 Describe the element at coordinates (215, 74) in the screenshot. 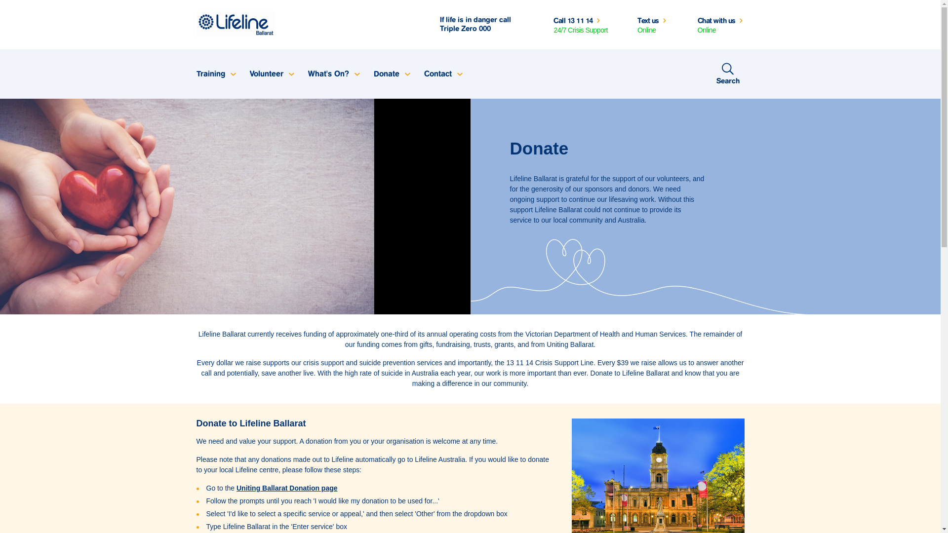

I see `'Training'` at that location.